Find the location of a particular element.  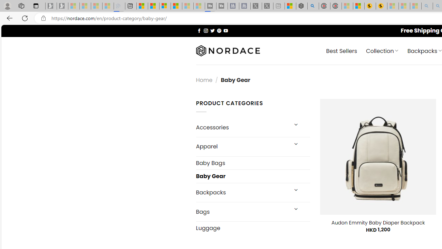

'  Best Sellers' is located at coordinates (342, 50).